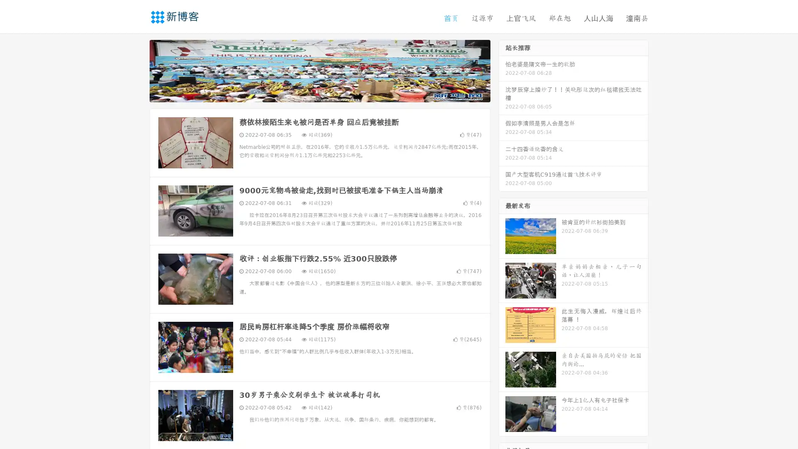  Describe the element at coordinates (502, 70) in the screenshot. I see `Next slide` at that location.